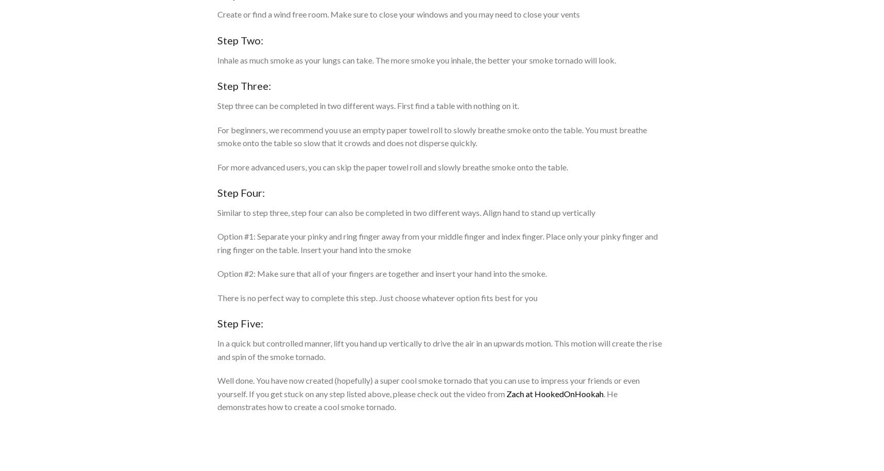 This screenshot has width=884, height=471. Describe the element at coordinates (432, 136) in the screenshot. I see `'For beginners, we recommend you use an empty paper towel roll to slowly breathe smoke onto the table. You must breathe smoke onto the table so slow that it crowds and does not disperse quickly.'` at that location.